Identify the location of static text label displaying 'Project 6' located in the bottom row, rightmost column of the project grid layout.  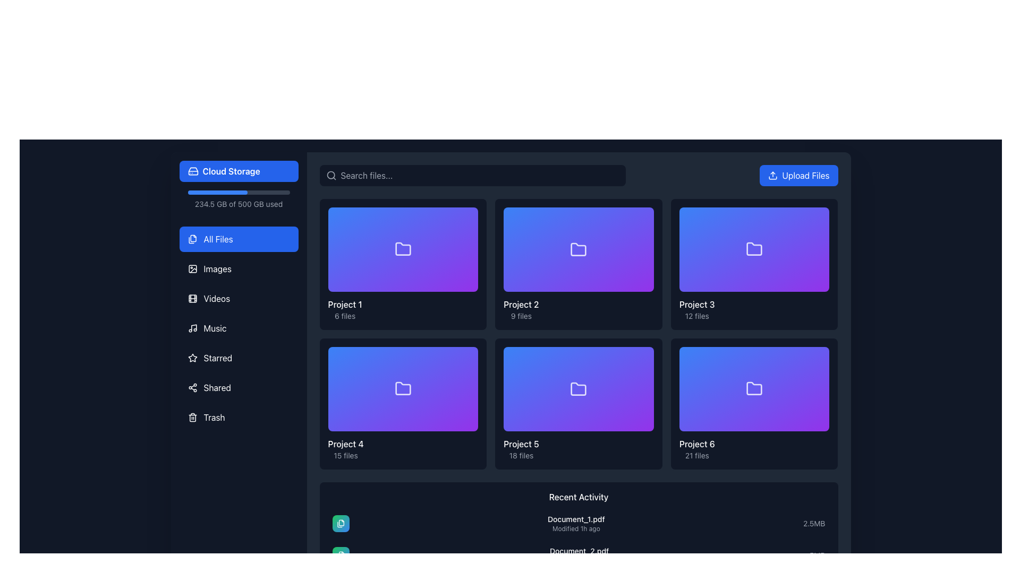
(697, 444).